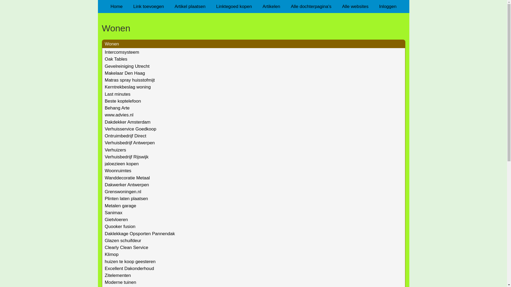  What do you see at coordinates (311, 6) in the screenshot?
I see `'Alle dochterpagina's'` at bounding box center [311, 6].